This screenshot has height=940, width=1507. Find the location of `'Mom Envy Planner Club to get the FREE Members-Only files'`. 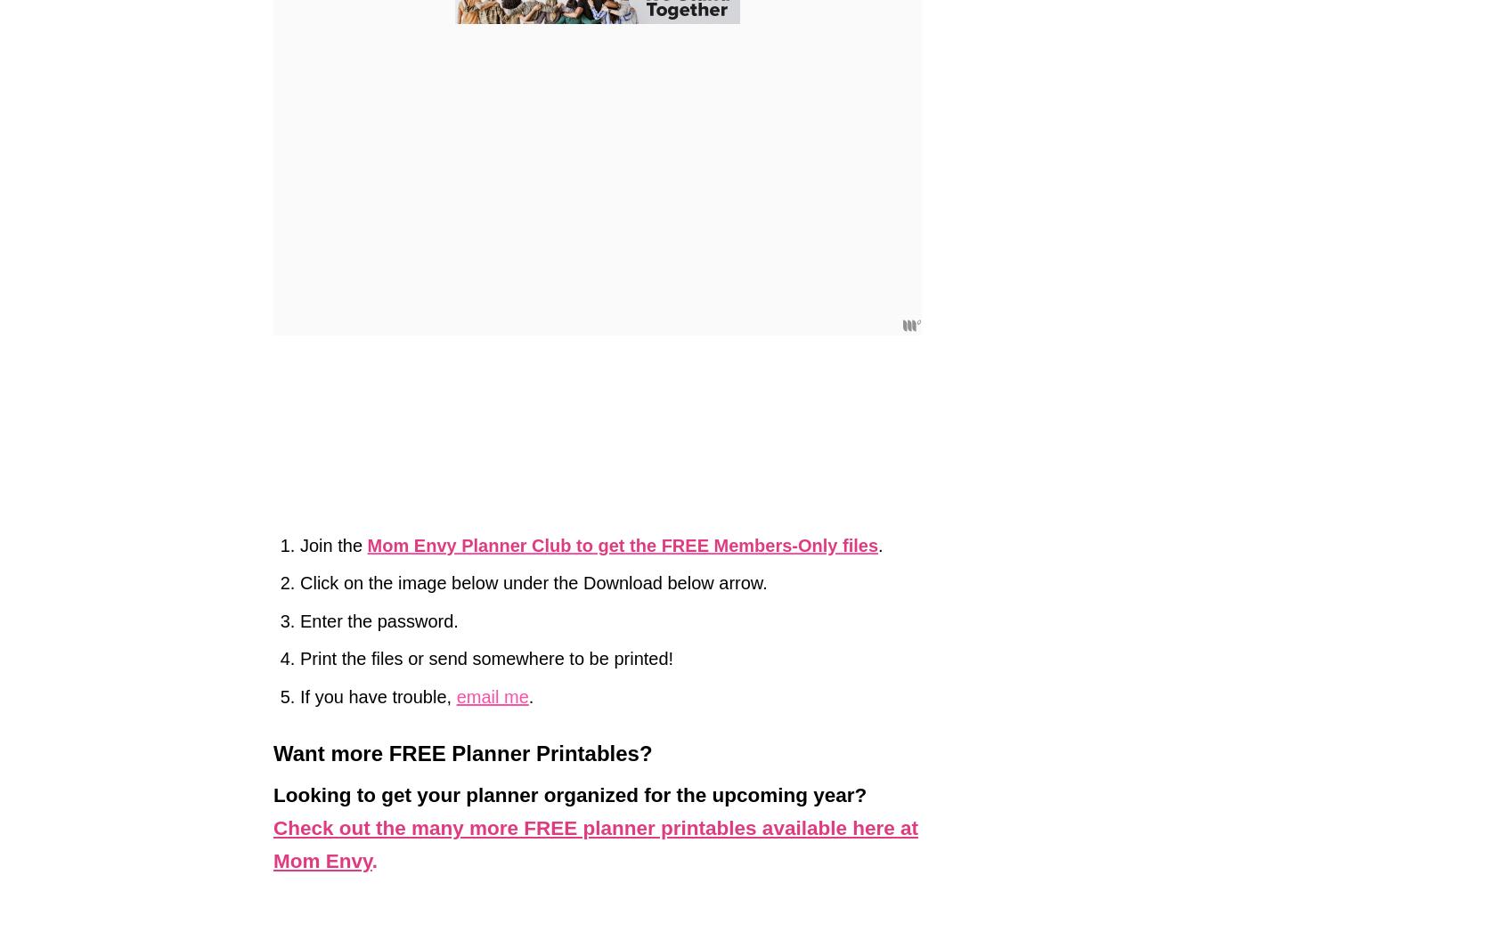

'Mom Envy Planner Club to get the FREE Members-Only files' is located at coordinates (622, 543).